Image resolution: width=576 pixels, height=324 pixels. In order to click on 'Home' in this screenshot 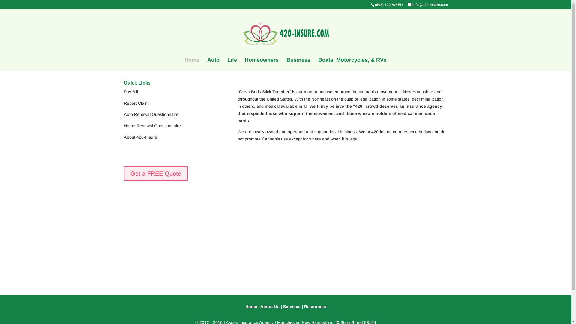, I will do `click(191, 64)`.